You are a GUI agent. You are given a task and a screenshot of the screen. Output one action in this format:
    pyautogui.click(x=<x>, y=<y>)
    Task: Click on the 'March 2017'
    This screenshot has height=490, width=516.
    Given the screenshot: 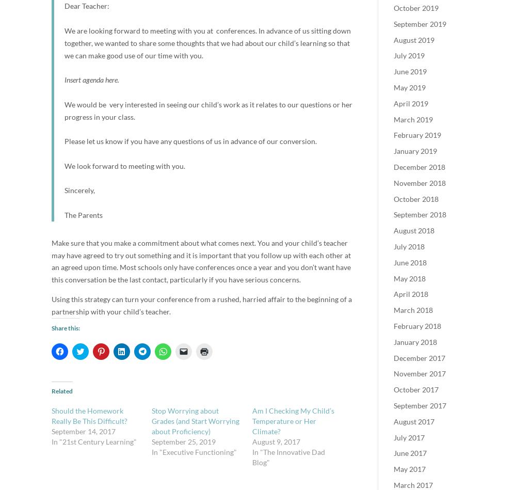 What is the action you would take?
    pyautogui.click(x=413, y=484)
    